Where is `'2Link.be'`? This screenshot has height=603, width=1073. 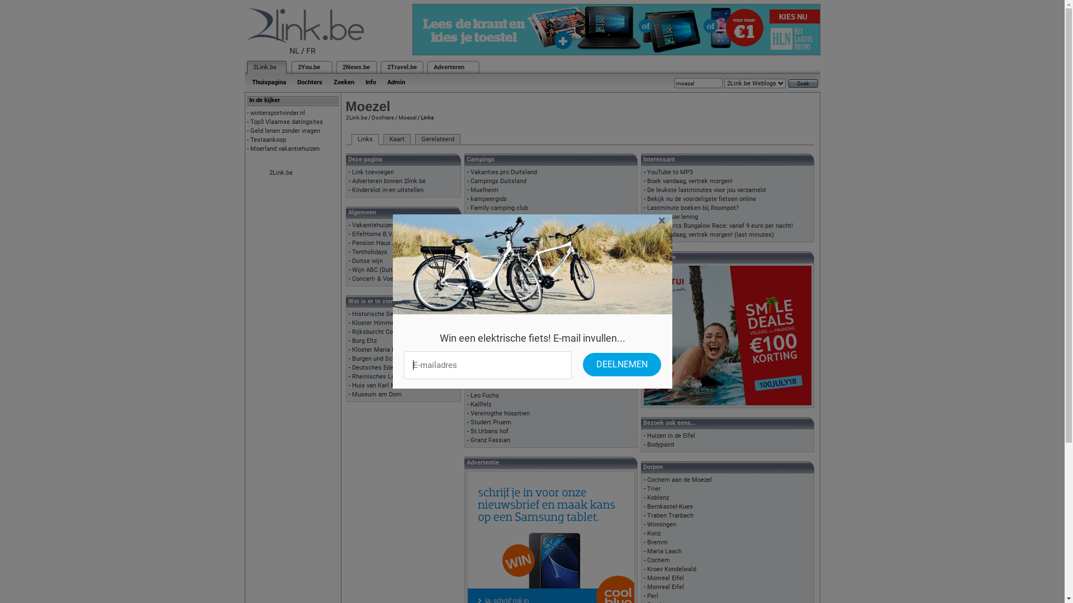 '2Link.be' is located at coordinates (251, 67).